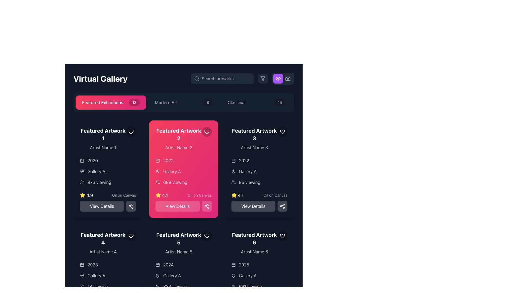 The width and height of the screenshot is (522, 293). I want to click on the Rating and Description Combination displaying a star rating of 4.1 and the description 'Oil on Canvas' within the 'Featured Artwork 3' card, so click(259, 195).